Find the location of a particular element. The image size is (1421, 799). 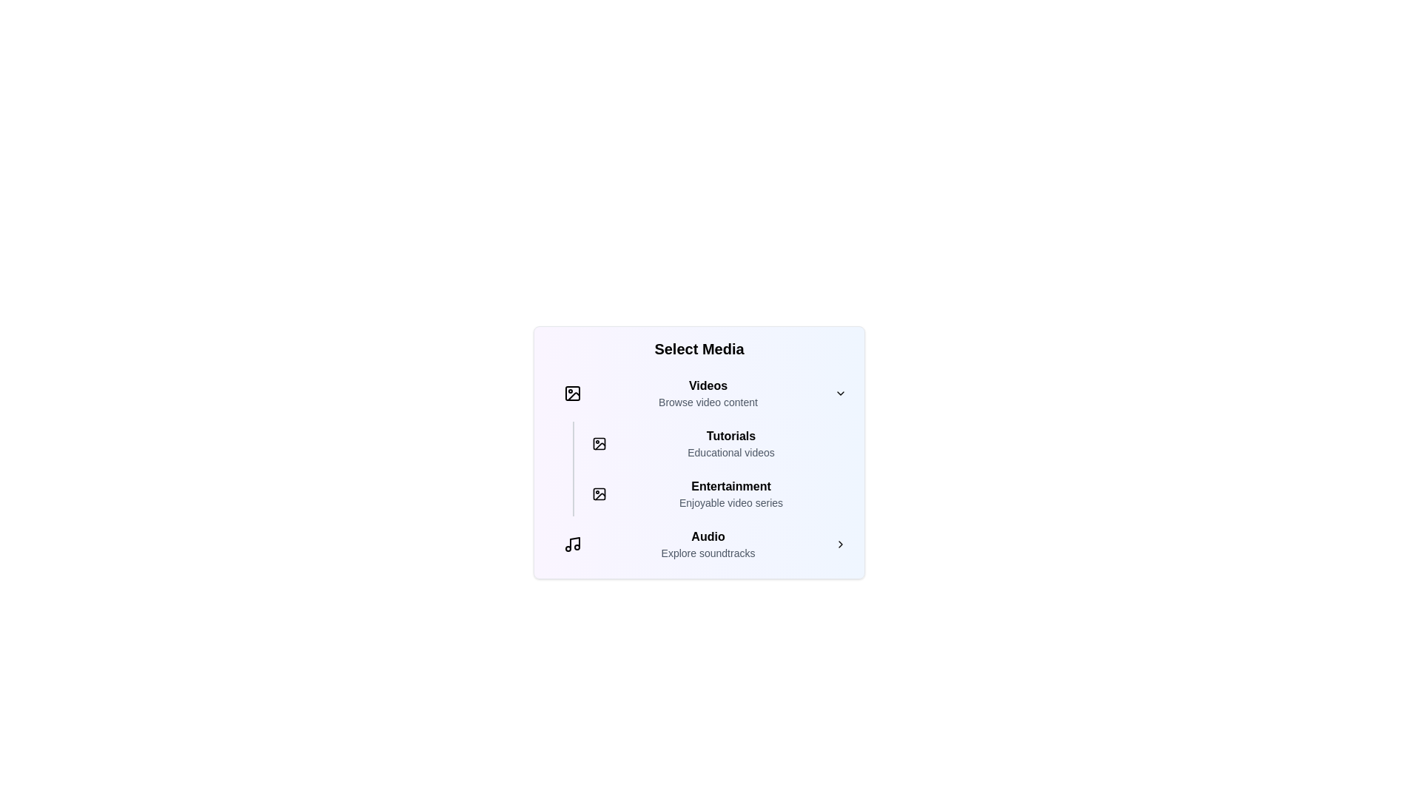

the 'Videos' text option, which is bold and part of a menu option group, located below the 'Select Media' heading is located at coordinates (707, 393).